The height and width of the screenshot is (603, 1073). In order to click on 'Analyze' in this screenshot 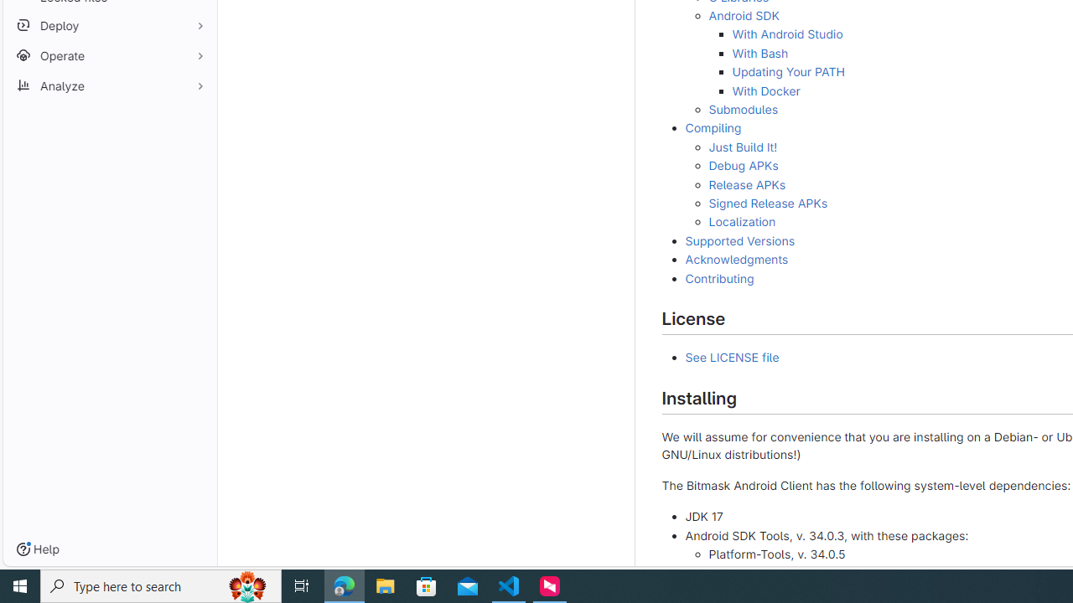, I will do `click(109, 85)`.